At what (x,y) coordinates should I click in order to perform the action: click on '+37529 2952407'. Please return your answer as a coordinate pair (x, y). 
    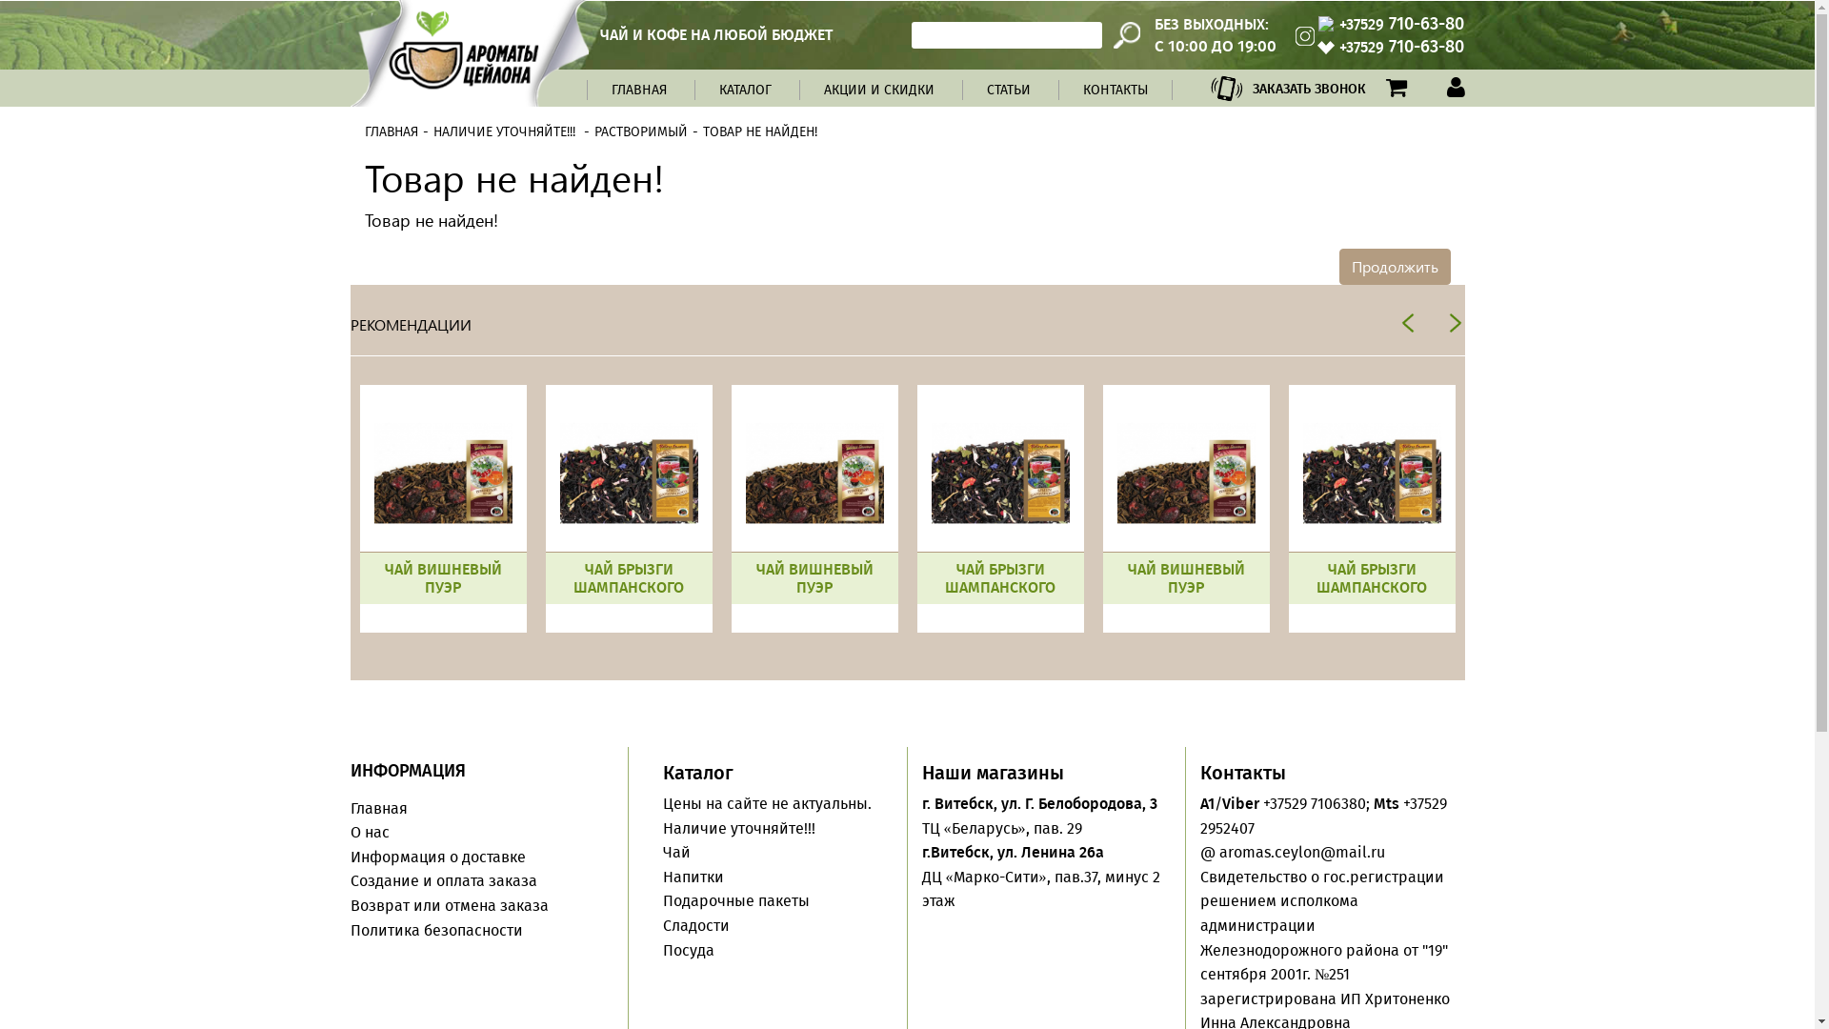
    Looking at the image, I should click on (1322, 815).